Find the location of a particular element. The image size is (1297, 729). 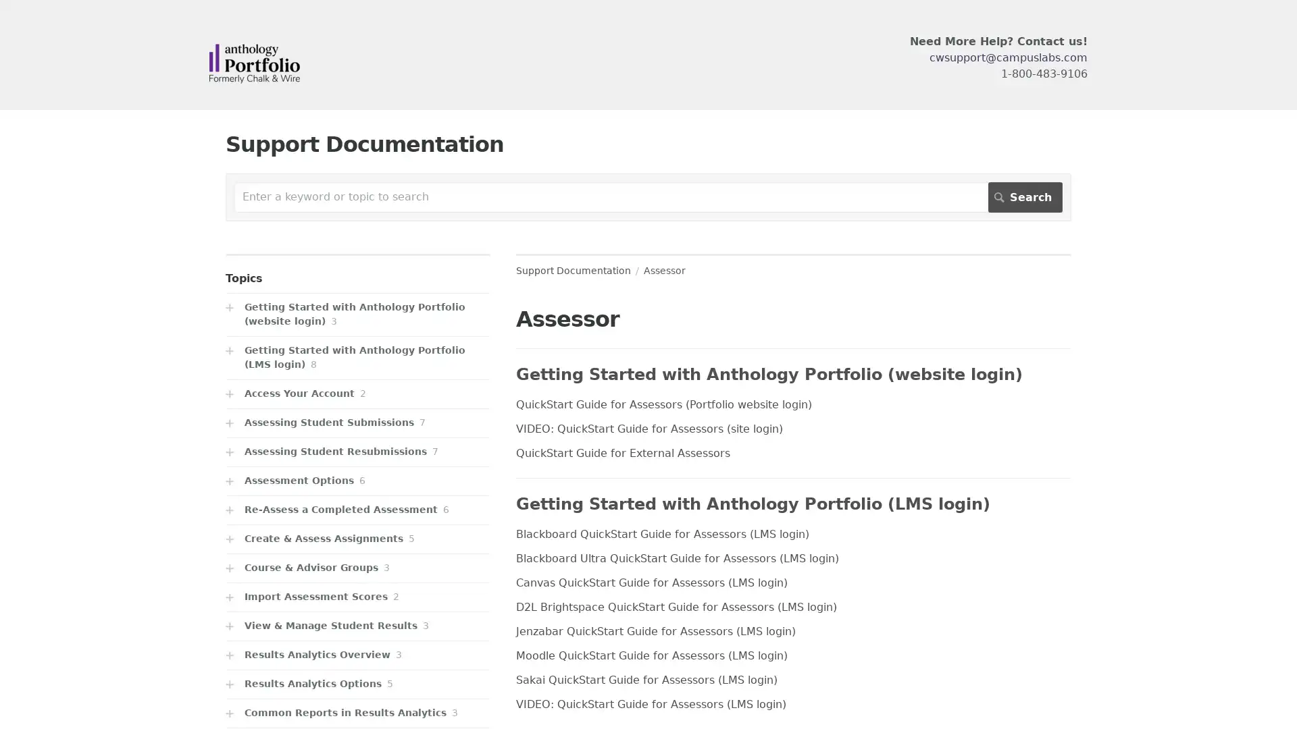

View & Manage Student Results 3 is located at coordinates (357, 626).